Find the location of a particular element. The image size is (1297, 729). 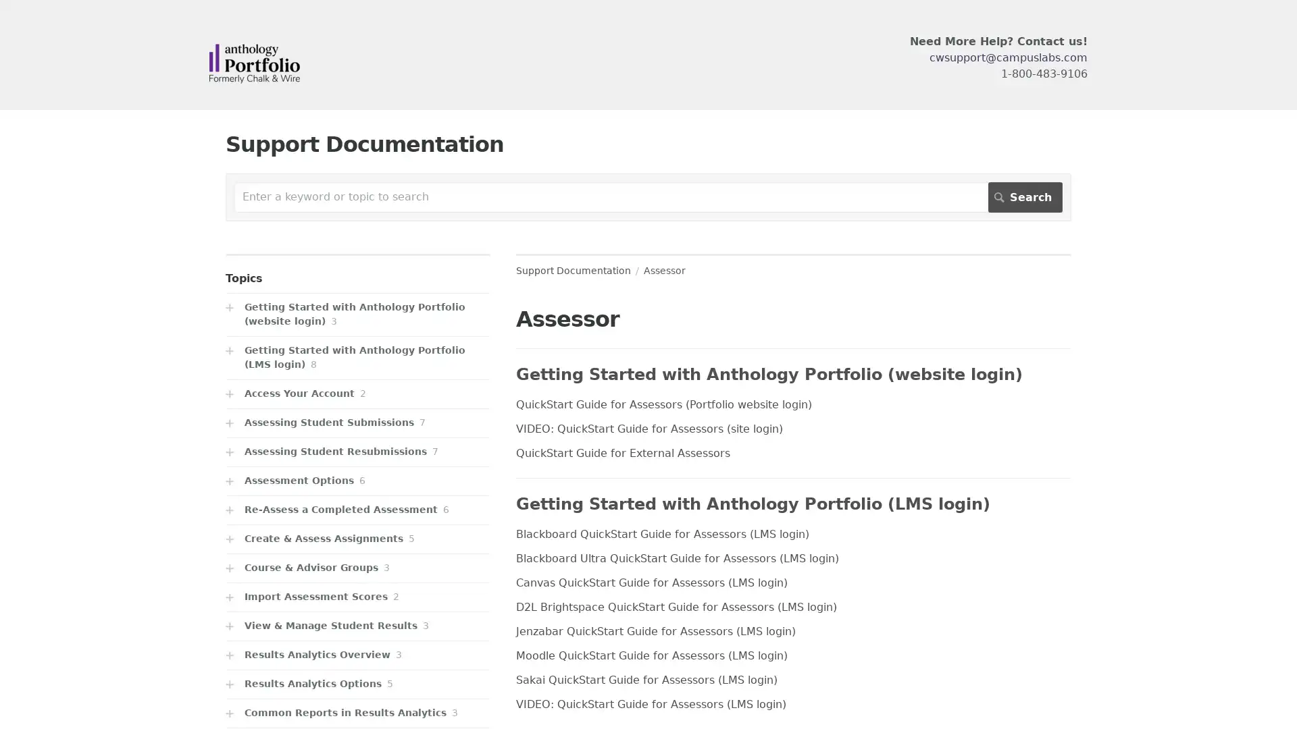

View & Manage Student Results 3 is located at coordinates (357, 626).